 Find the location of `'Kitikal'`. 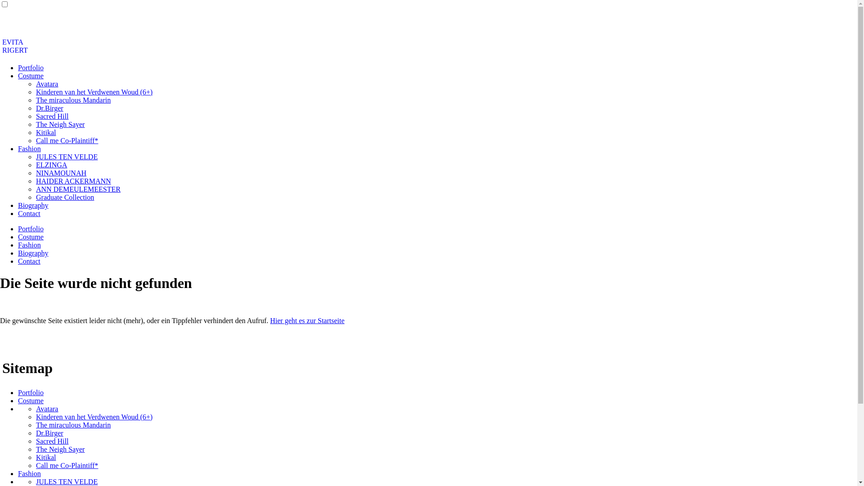

'Kitikal' is located at coordinates (45, 457).